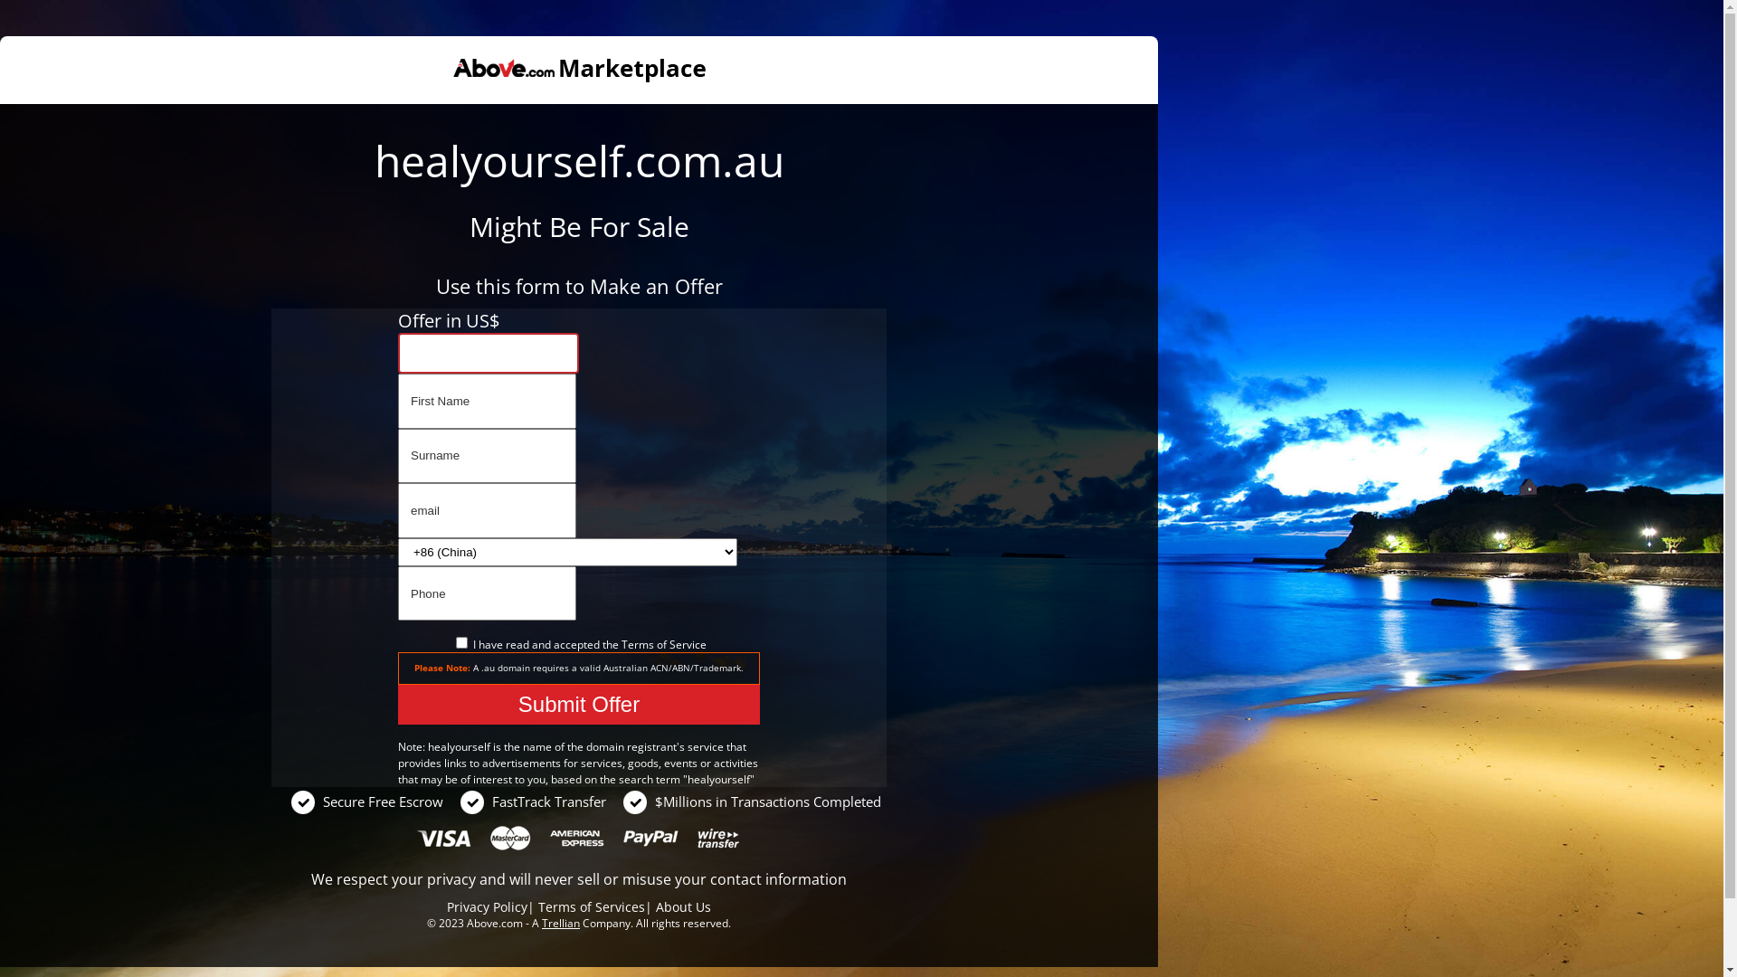 The width and height of the screenshot is (1737, 977). Describe the element at coordinates (541, 923) in the screenshot. I see `'Trellian'` at that location.